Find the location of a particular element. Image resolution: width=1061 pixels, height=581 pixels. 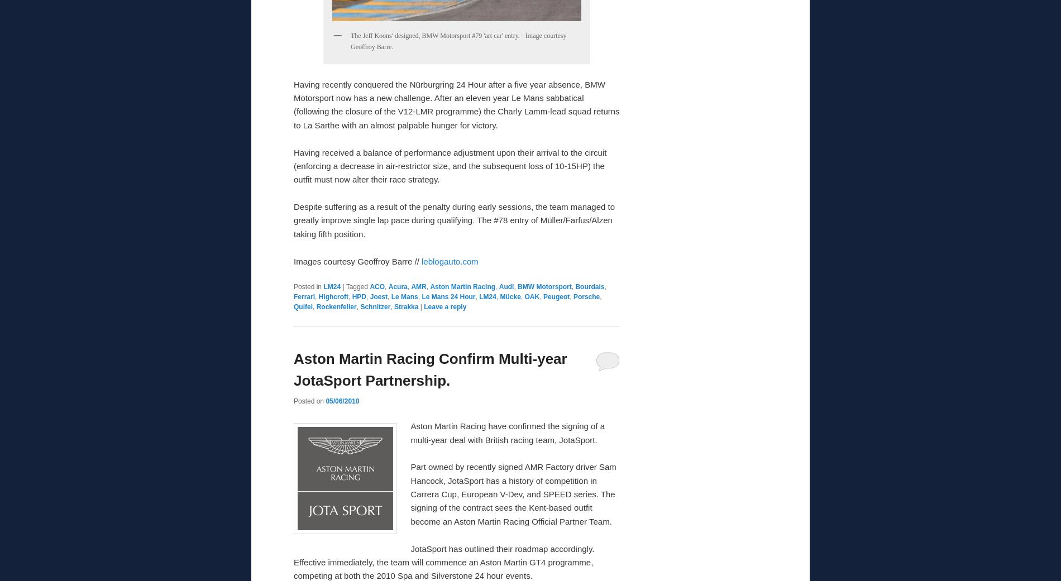

'Le Mans' is located at coordinates (404, 296).